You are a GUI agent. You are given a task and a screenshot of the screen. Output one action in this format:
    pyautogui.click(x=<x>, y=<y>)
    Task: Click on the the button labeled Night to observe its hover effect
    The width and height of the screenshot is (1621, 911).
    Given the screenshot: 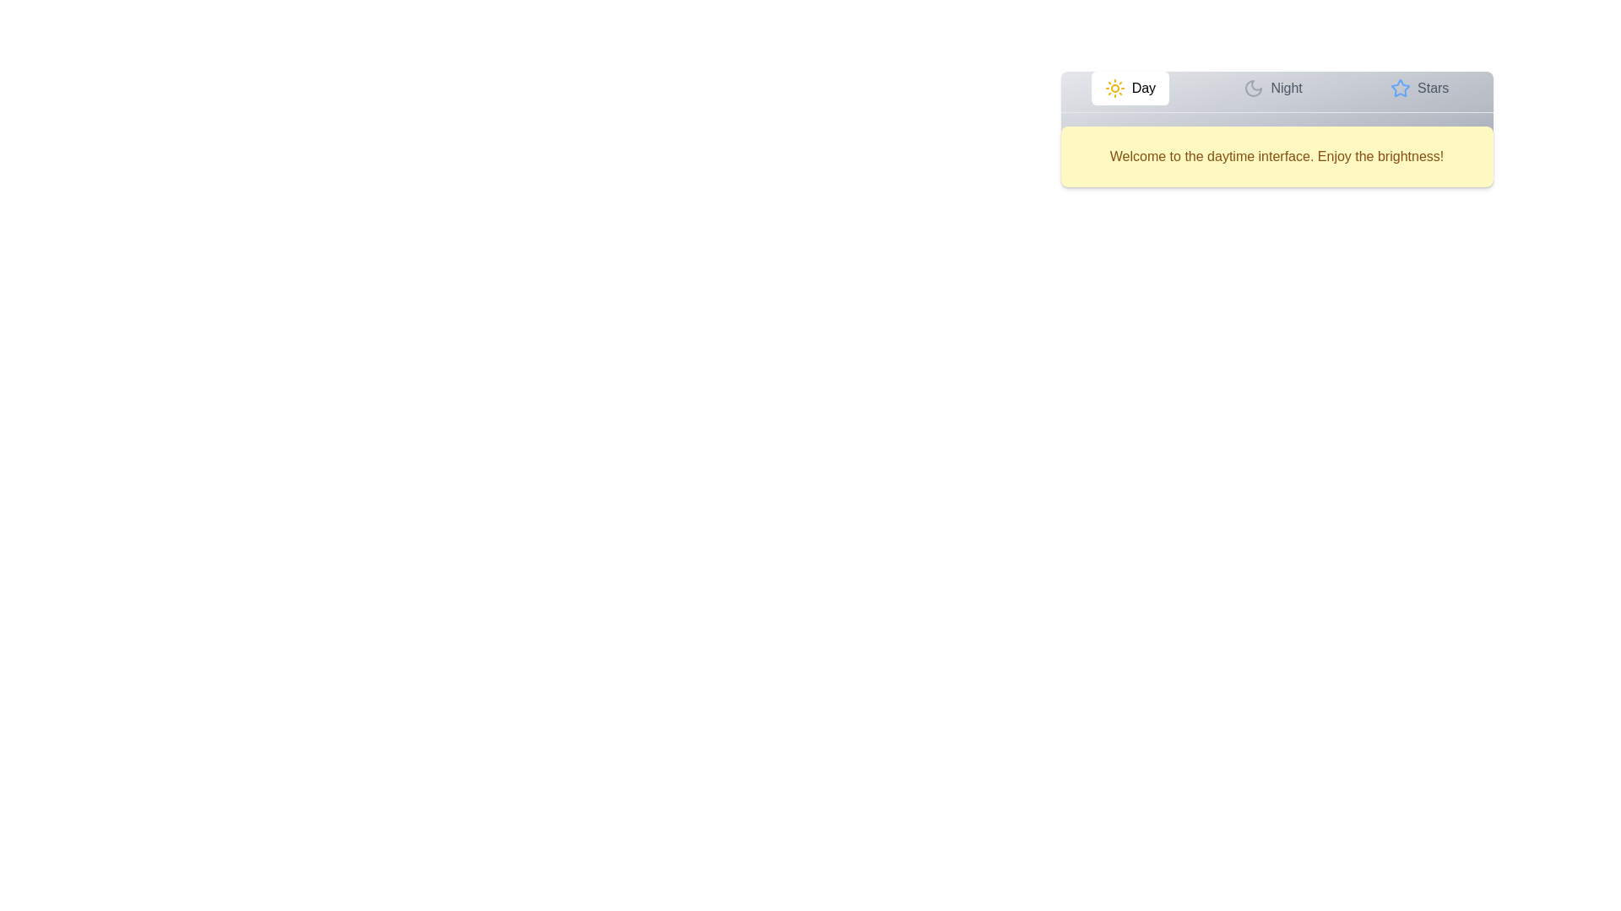 What is the action you would take?
    pyautogui.click(x=1272, y=88)
    